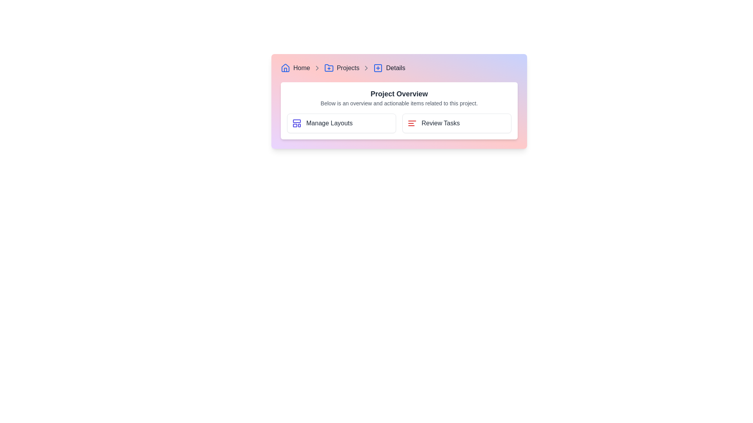  Describe the element at coordinates (399, 103) in the screenshot. I see `the static text element containing the content 'Below is an overview and actionable items related to this project.' which is styled with a small font size and gray color, located beneath the 'Project Overview' heading` at that location.